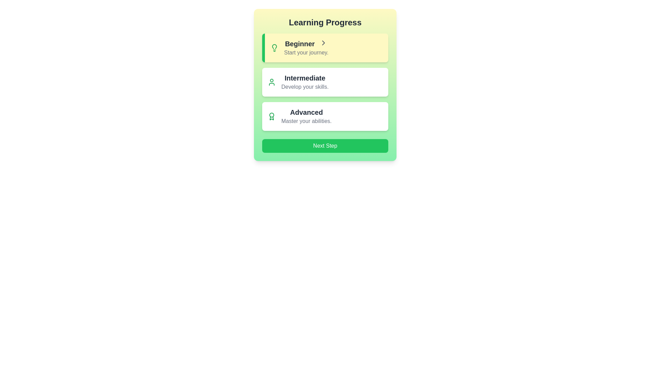 The height and width of the screenshot is (370, 658). Describe the element at coordinates (306, 47) in the screenshot. I see `the clickable text item displaying 'Beginner' and 'Start your journey.' with a yellow background in the 'Learning Progress' section` at that location.